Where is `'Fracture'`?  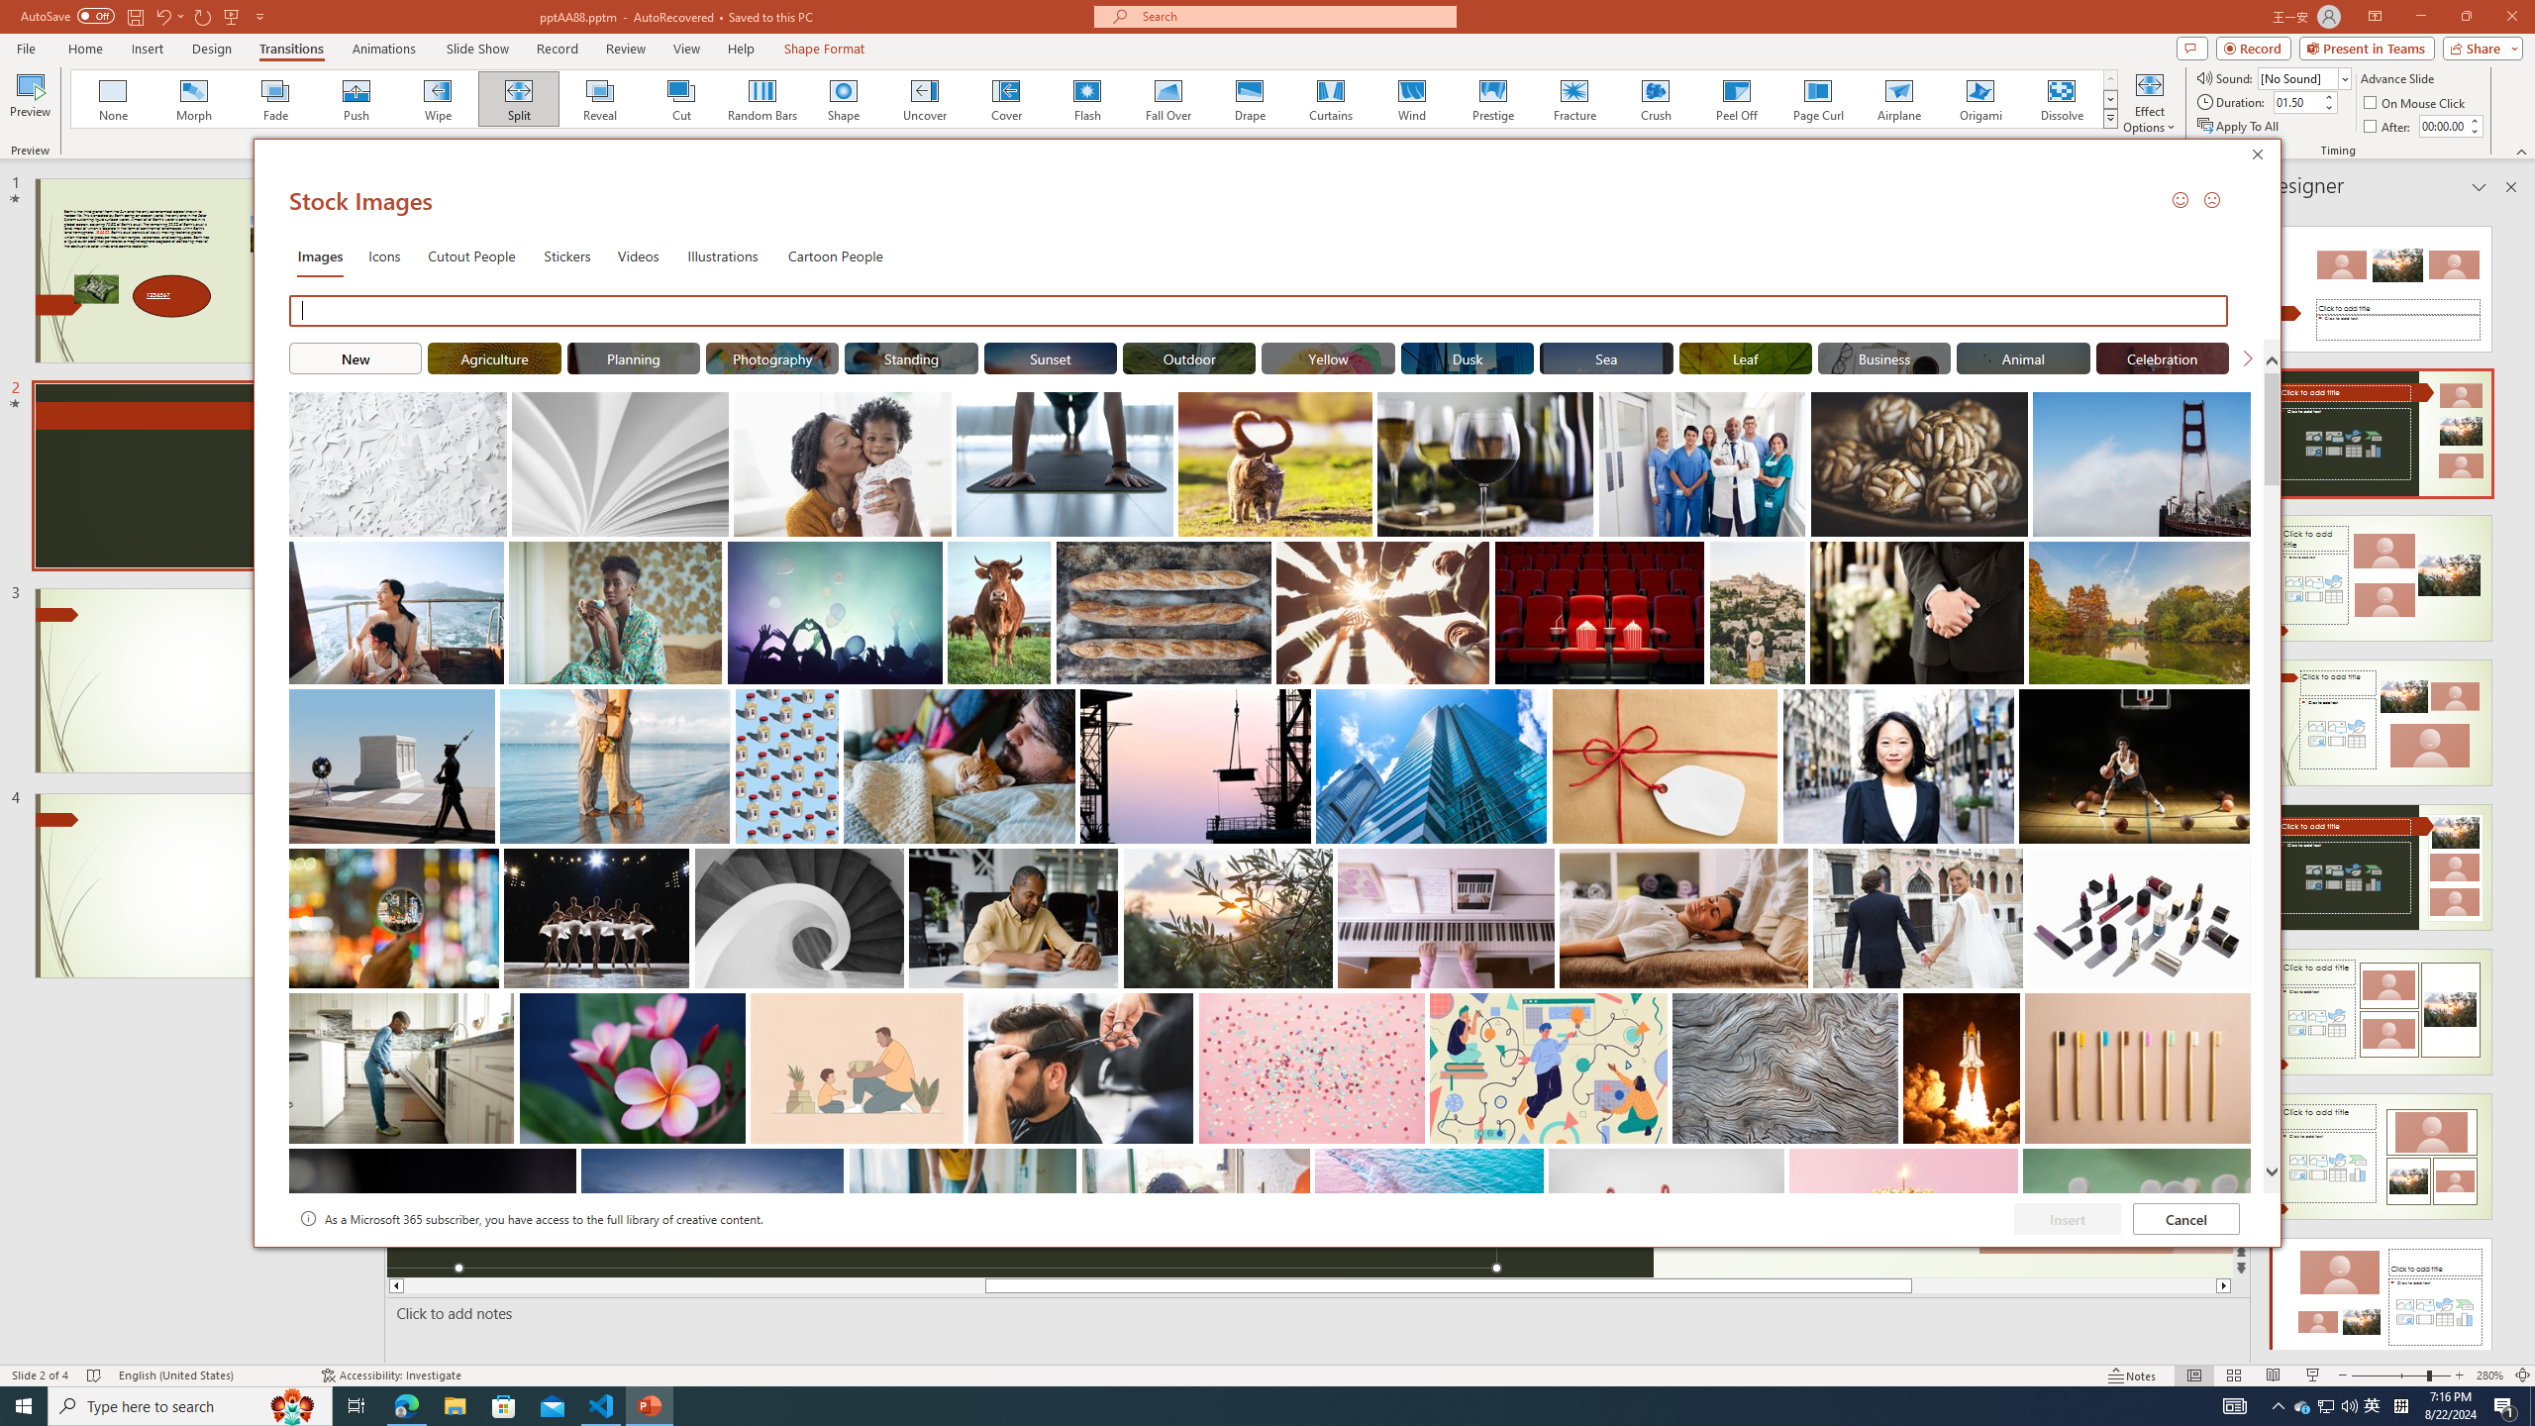 'Fracture' is located at coordinates (1573, 98).